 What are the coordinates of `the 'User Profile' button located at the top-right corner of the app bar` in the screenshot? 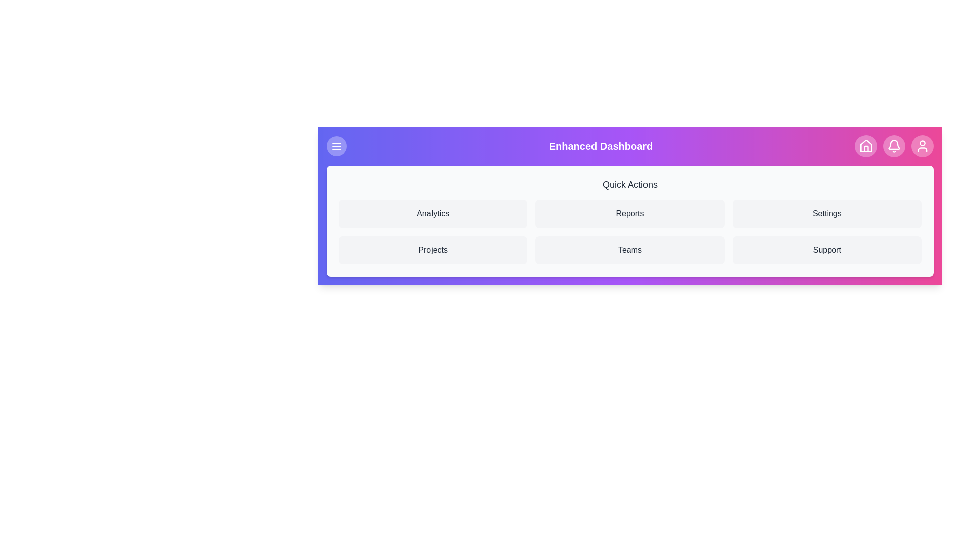 It's located at (923, 146).